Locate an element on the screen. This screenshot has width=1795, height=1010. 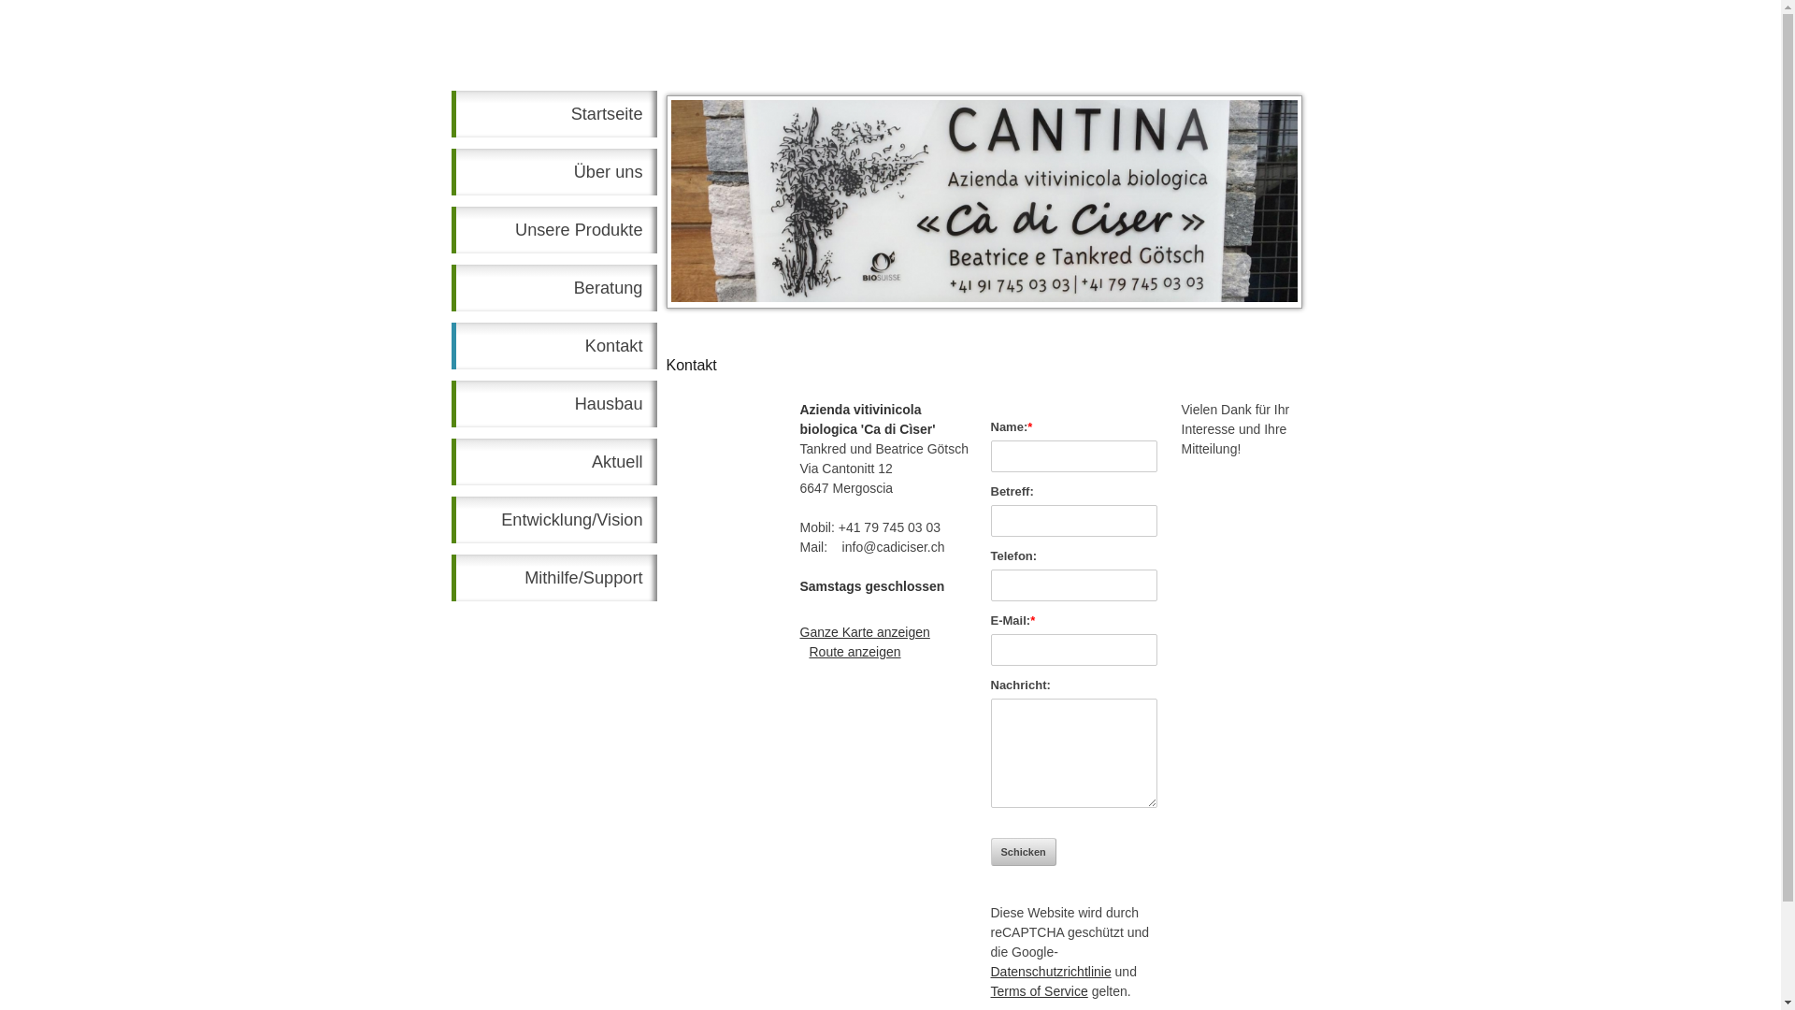
'Hausbau' is located at coordinates (552, 403).